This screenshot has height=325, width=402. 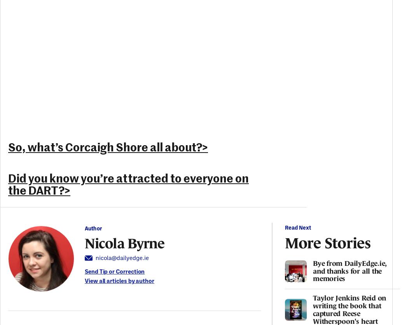 I want to click on 'Nicola Byrne', so click(x=124, y=242).